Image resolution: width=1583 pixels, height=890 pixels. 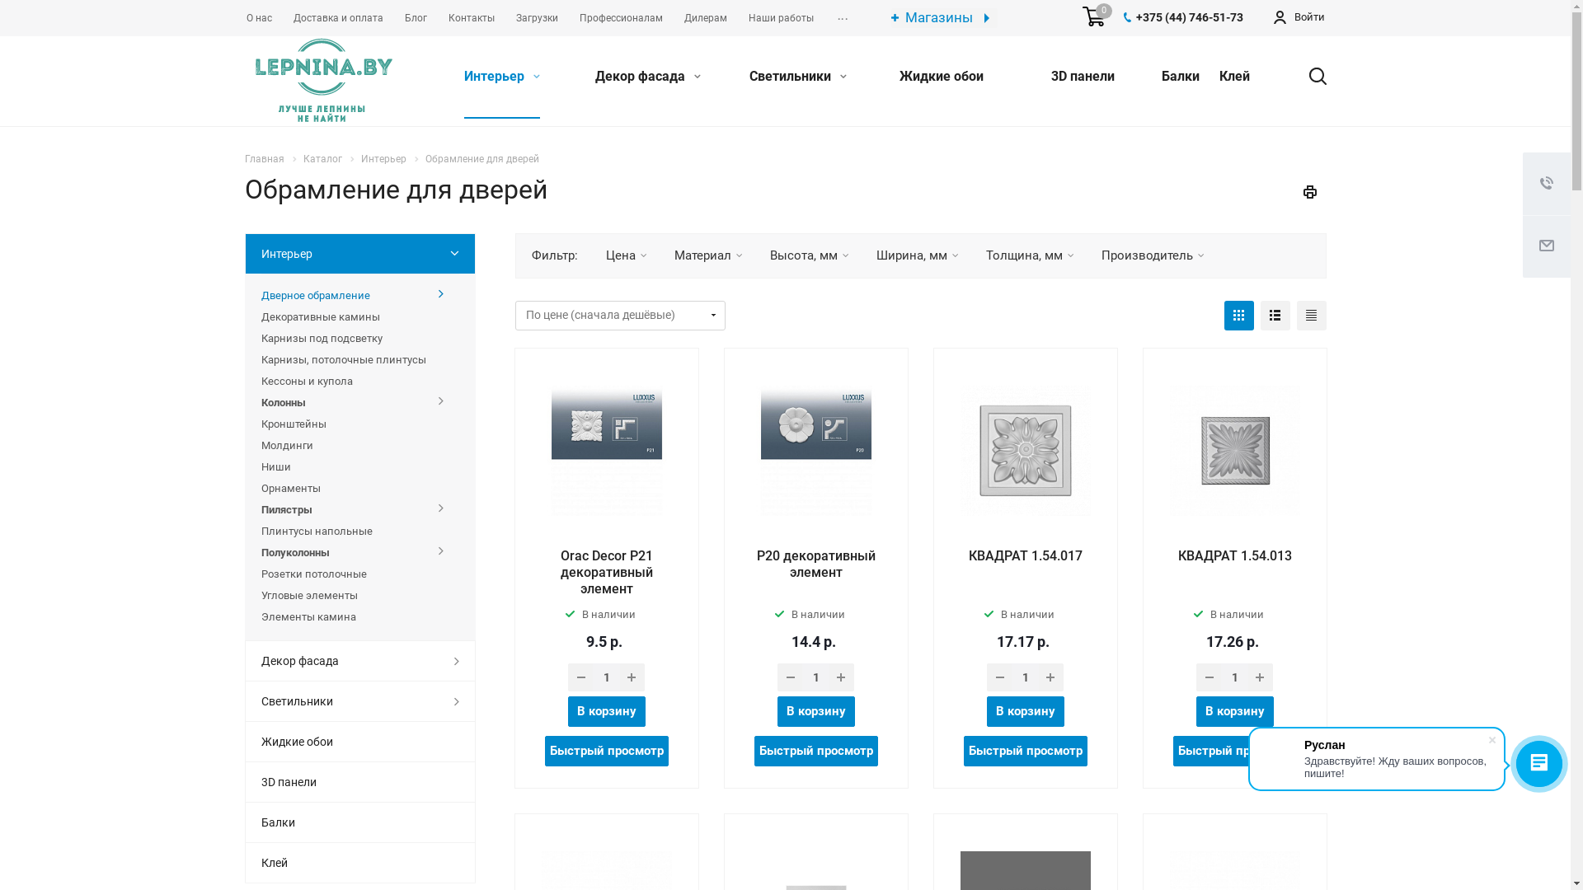 What do you see at coordinates (323, 81) in the screenshot?
I see `'lepnina.by'` at bounding box center [323, 81].